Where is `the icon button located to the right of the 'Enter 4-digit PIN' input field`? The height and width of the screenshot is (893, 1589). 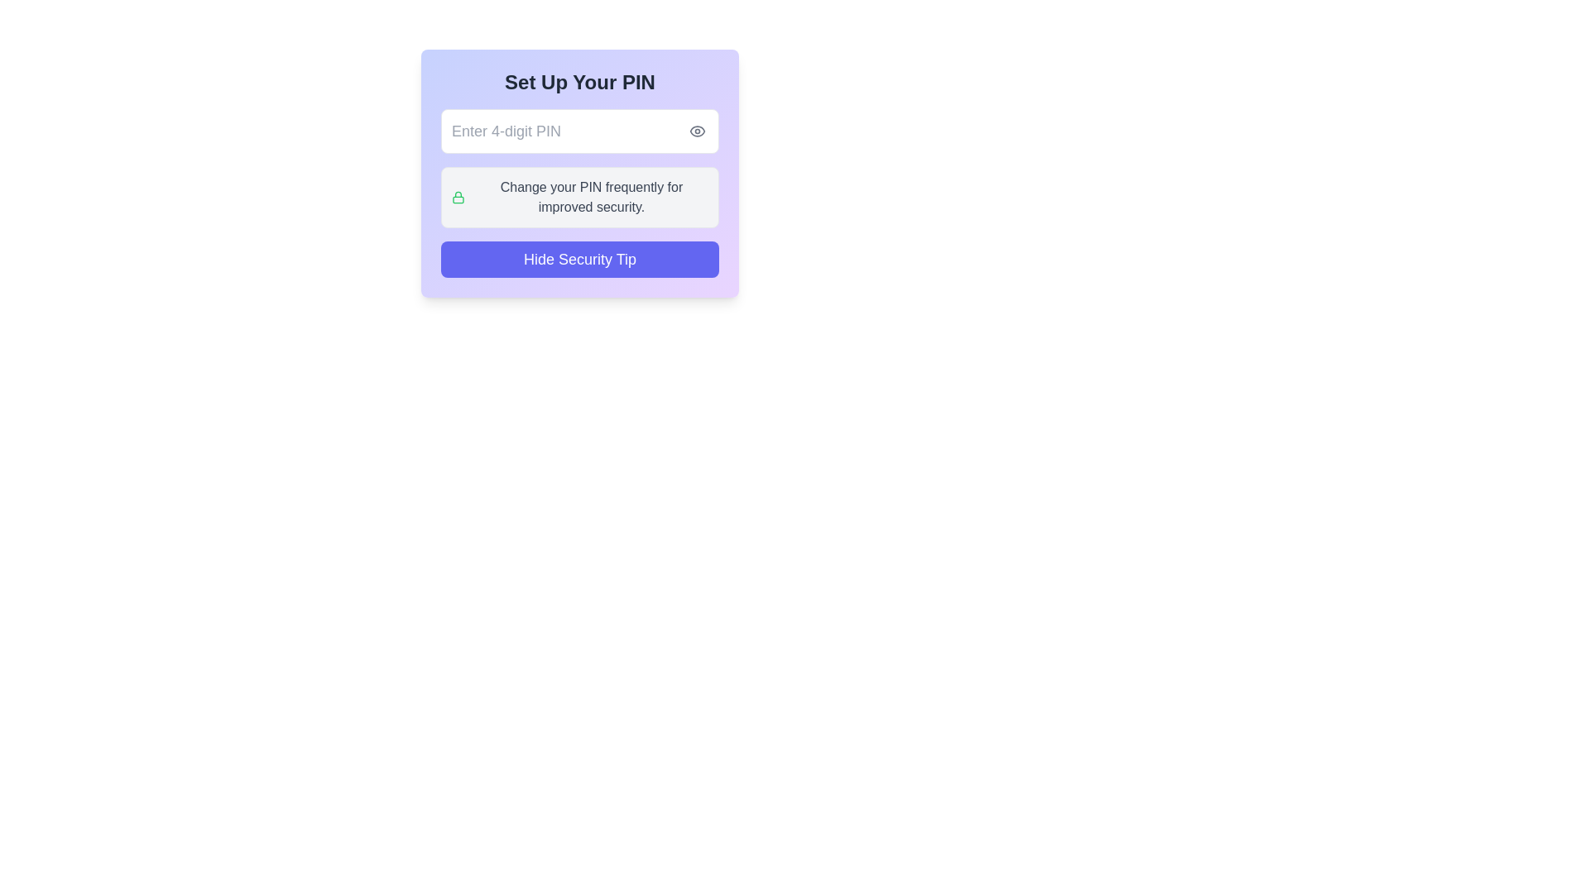
the icon button located to the right of the 'Enter 4-digit PIN' input field is located at coordinates (698, 130).